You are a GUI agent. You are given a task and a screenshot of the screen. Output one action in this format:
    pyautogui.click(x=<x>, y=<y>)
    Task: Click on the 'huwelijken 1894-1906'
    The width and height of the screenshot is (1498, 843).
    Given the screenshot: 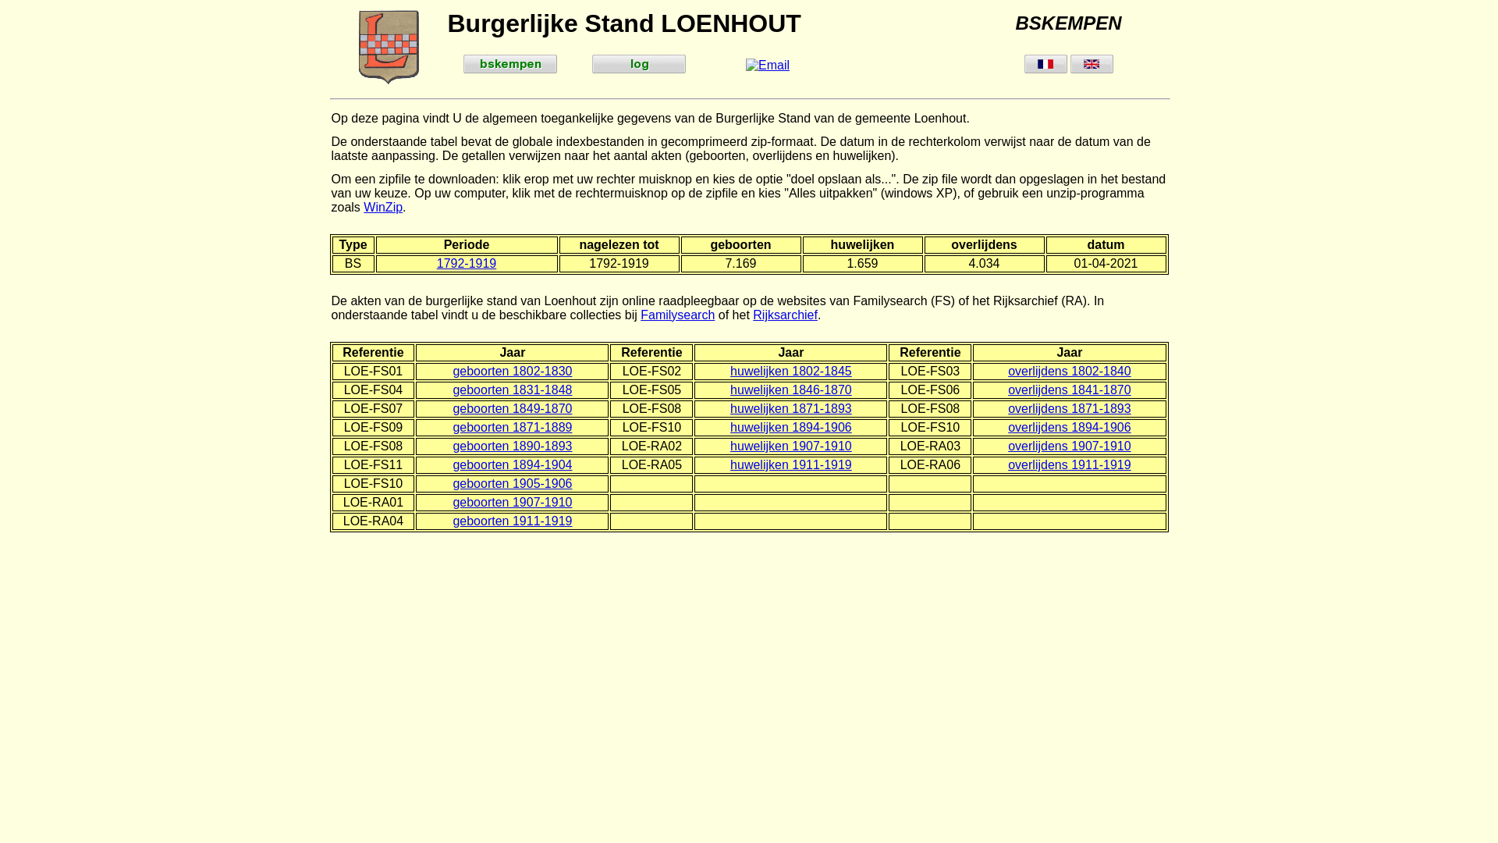 What is the action you would take?
    pyautogui.click(x=790, y=427)
    